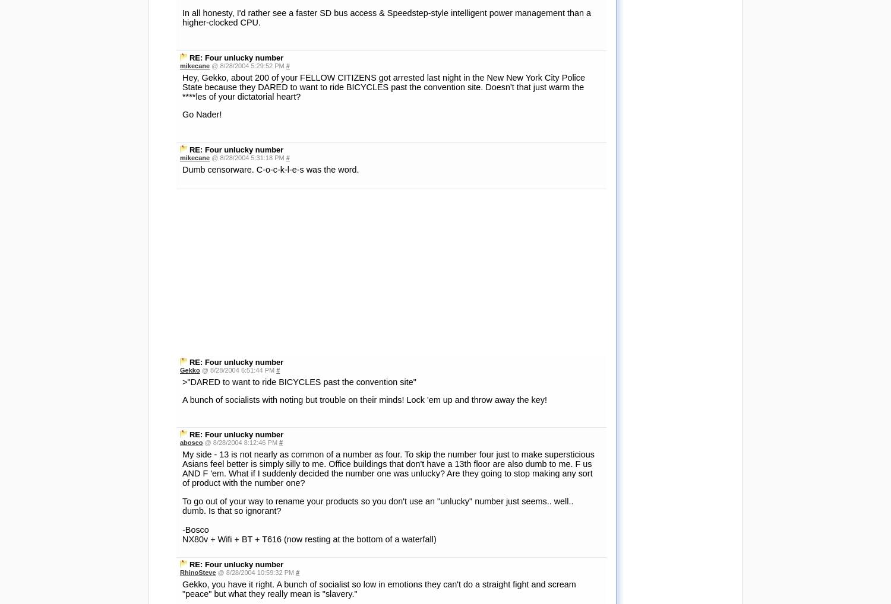  I want to click on 'Go Nader!', so click(201, 115).